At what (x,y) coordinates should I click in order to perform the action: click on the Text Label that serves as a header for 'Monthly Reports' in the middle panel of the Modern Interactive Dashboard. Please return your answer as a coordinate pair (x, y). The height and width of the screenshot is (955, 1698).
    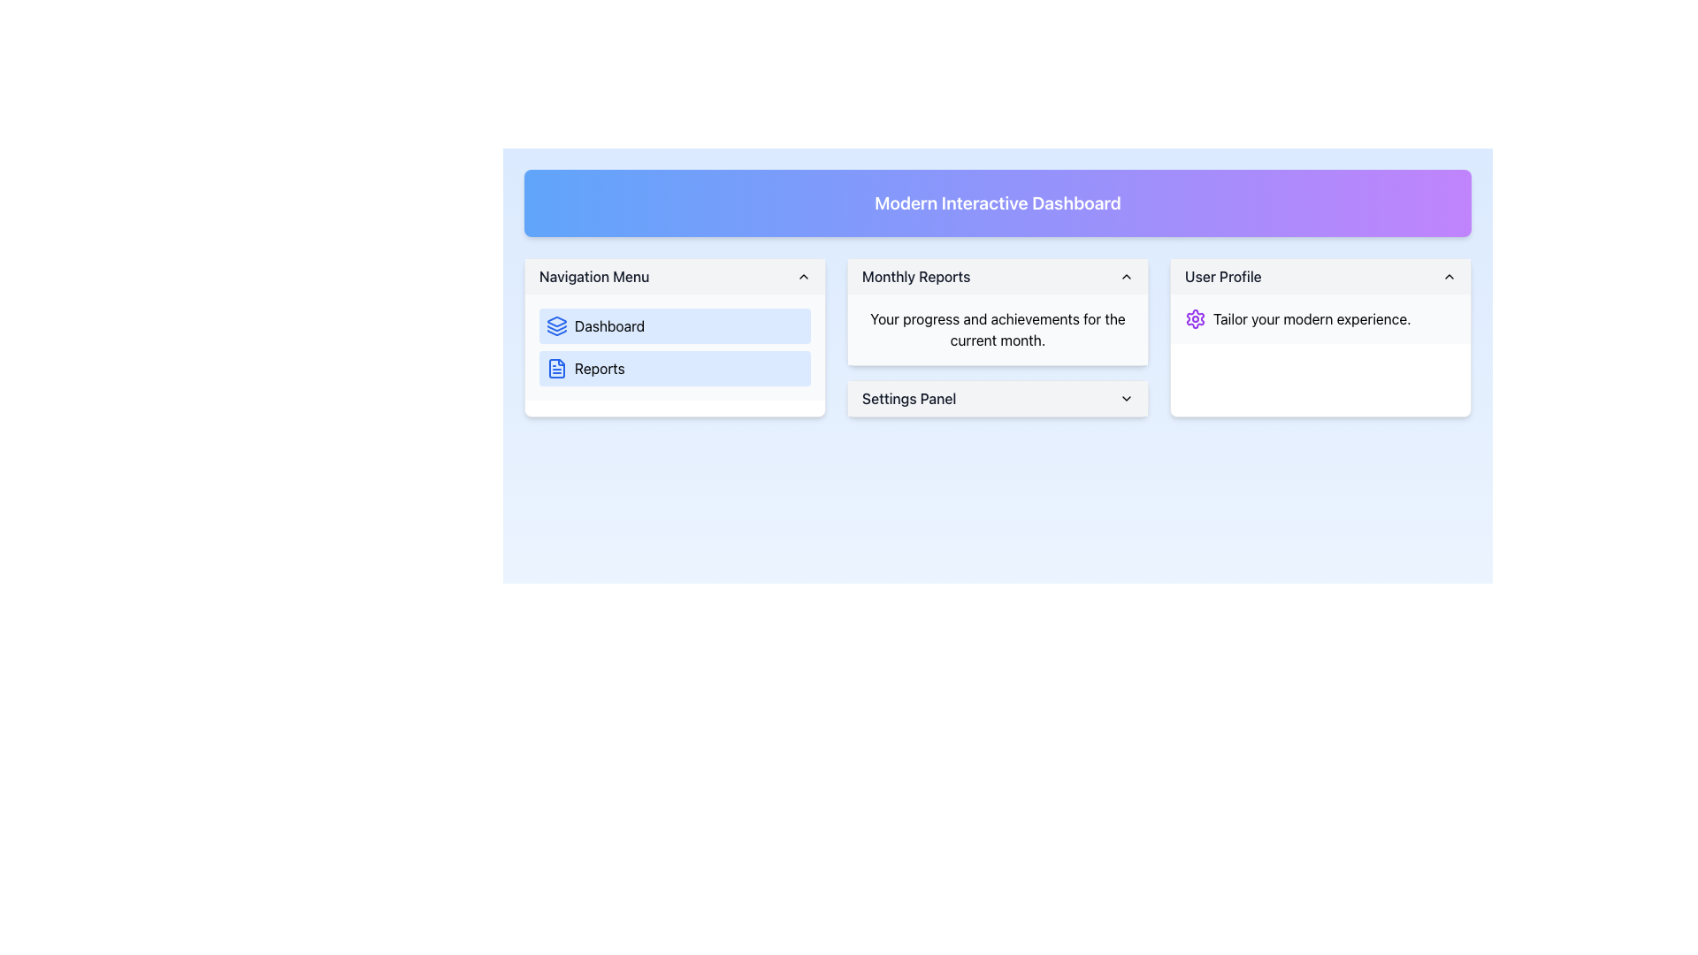
    Looking at the image, I should click on (916, 276).